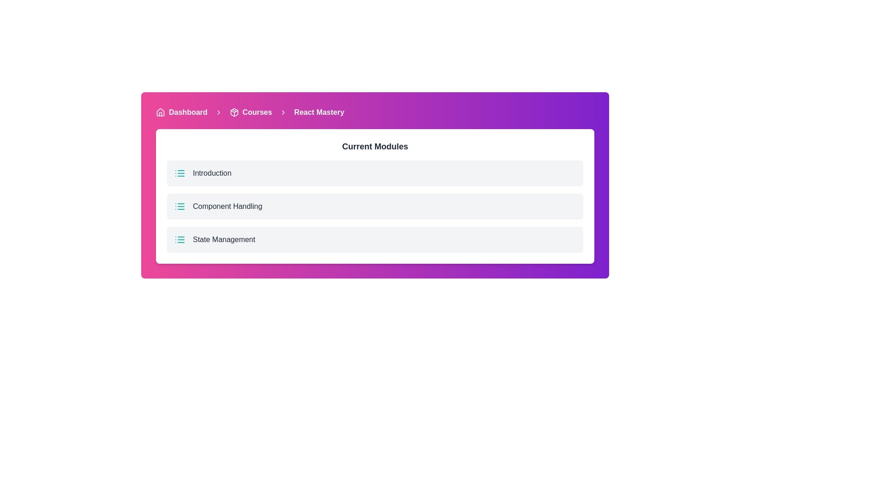 This screenshot has width=886, height=498. I want to click on the list item labeled 'Component Handling' which has a light gray background and is the second item in the 'Current Modules' card, so click(375, 196).